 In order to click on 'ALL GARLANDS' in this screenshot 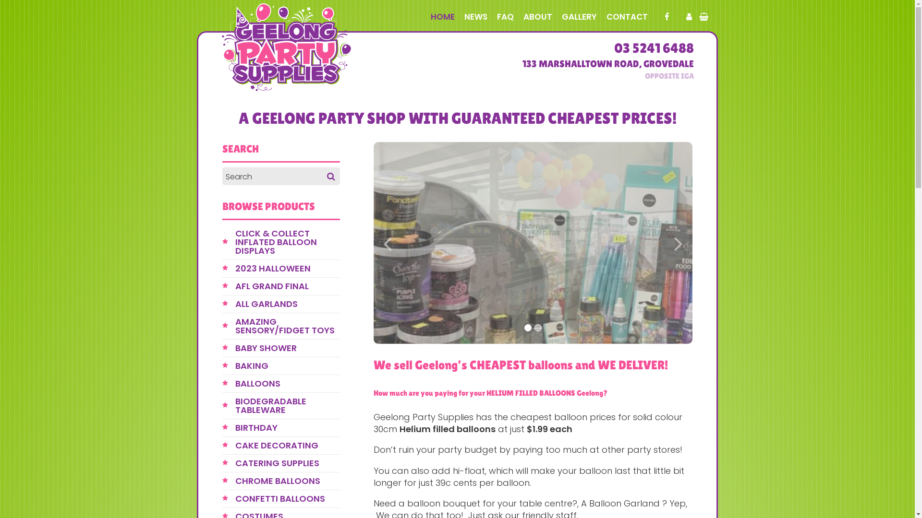, I will do `click(287, 304)`.